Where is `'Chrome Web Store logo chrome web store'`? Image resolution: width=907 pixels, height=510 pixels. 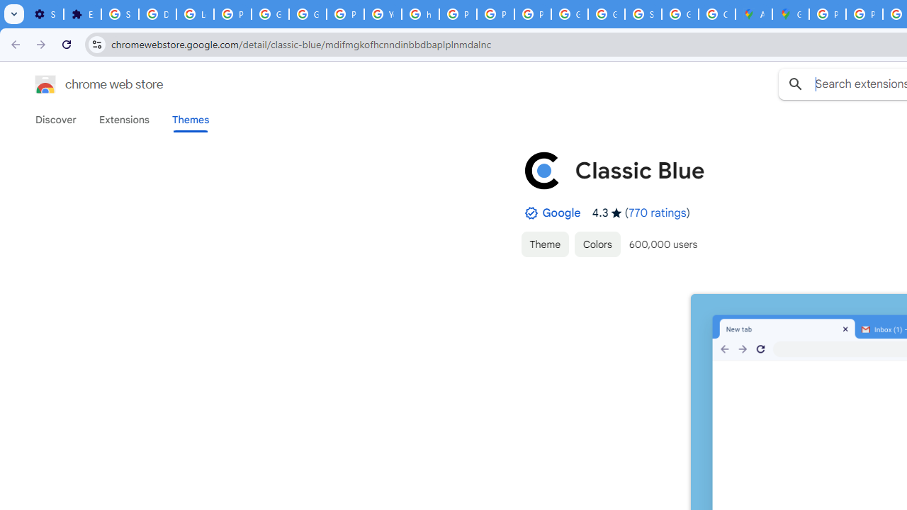 'Chrome Web Store logo chrome web store' is located at coordinates (84, 84).